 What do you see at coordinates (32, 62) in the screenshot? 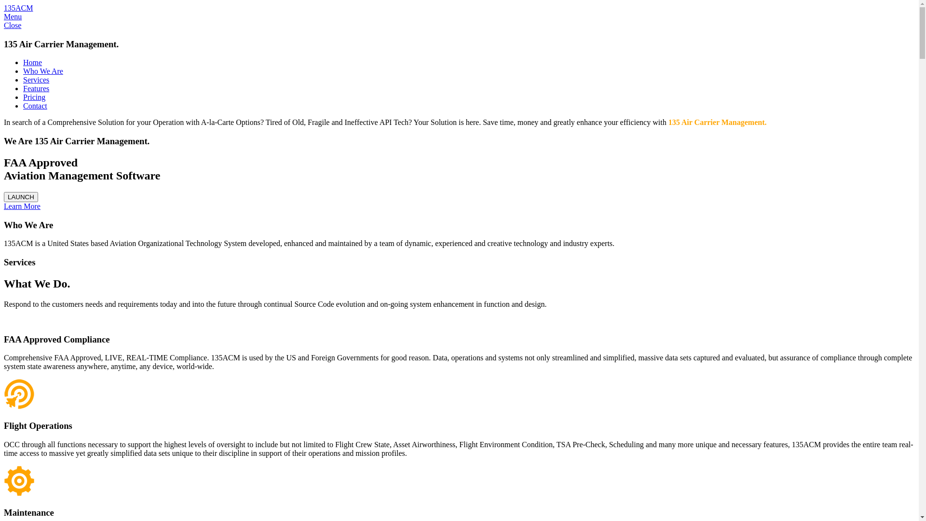
I see `'Home'` at bounding box center [32, 62].